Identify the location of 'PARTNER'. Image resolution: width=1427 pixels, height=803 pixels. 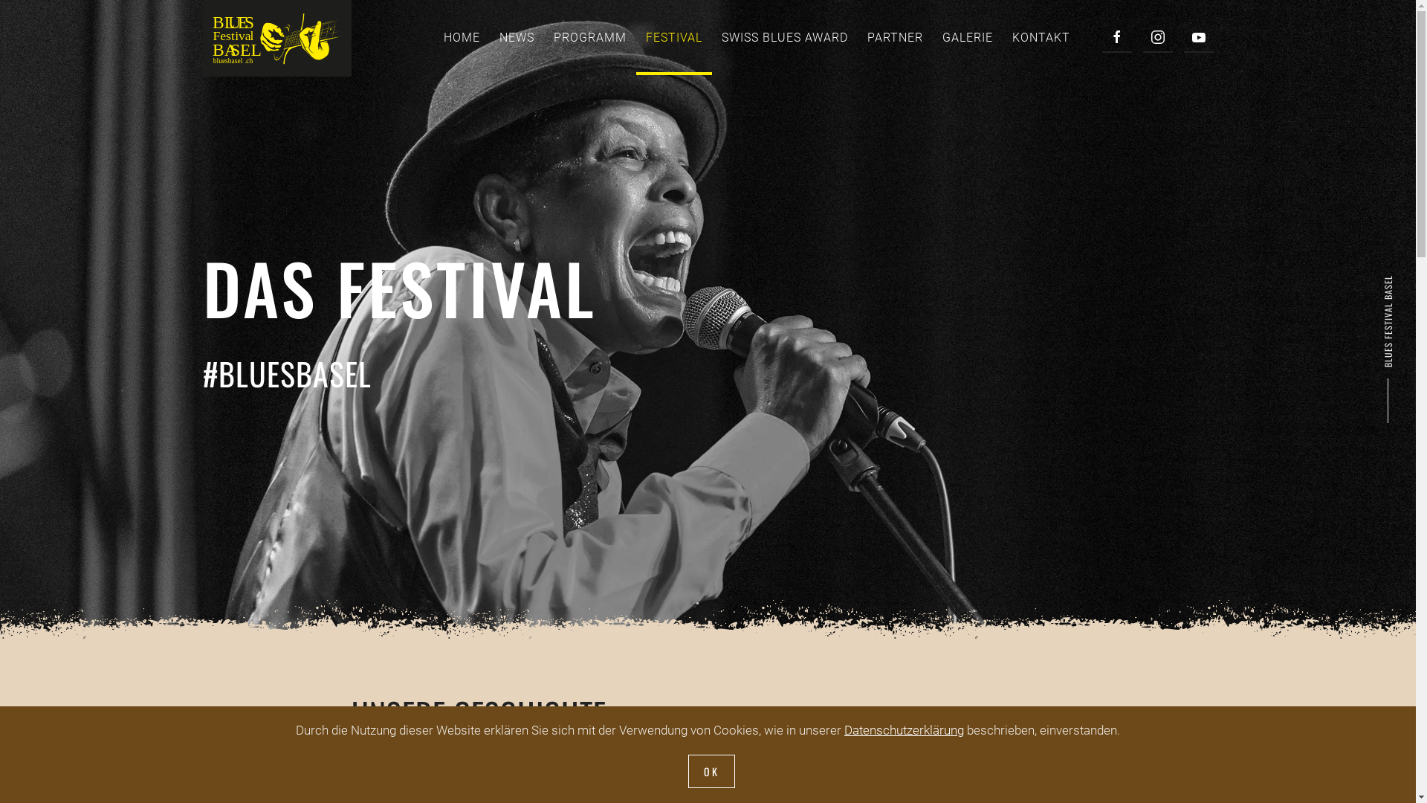
(894, 36).